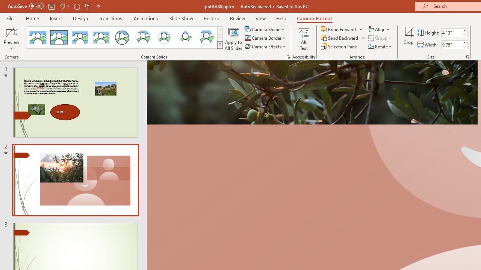 The width and height of the screenshot is (481, 270). Describe the element at coordinates (265, 29) in the screenshot. I see `'Camera Shape'` at that location.